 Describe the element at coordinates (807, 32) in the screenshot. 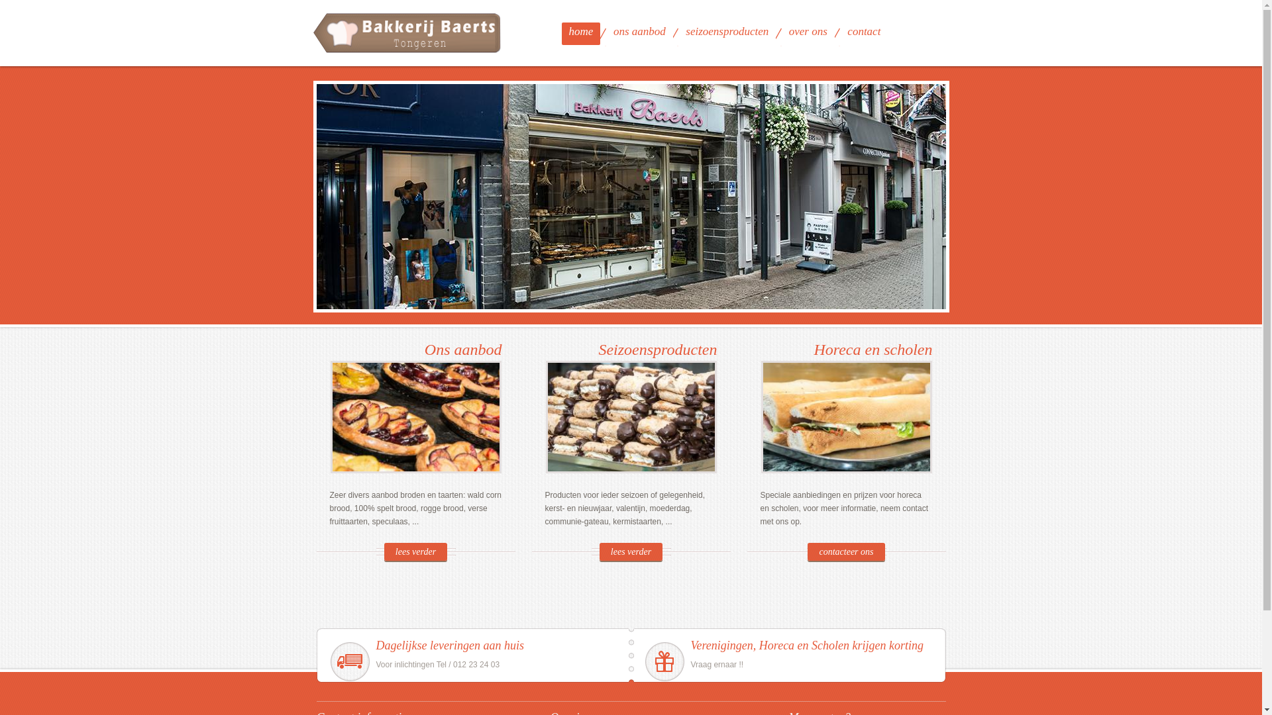

I see `'over ons'` at that location.